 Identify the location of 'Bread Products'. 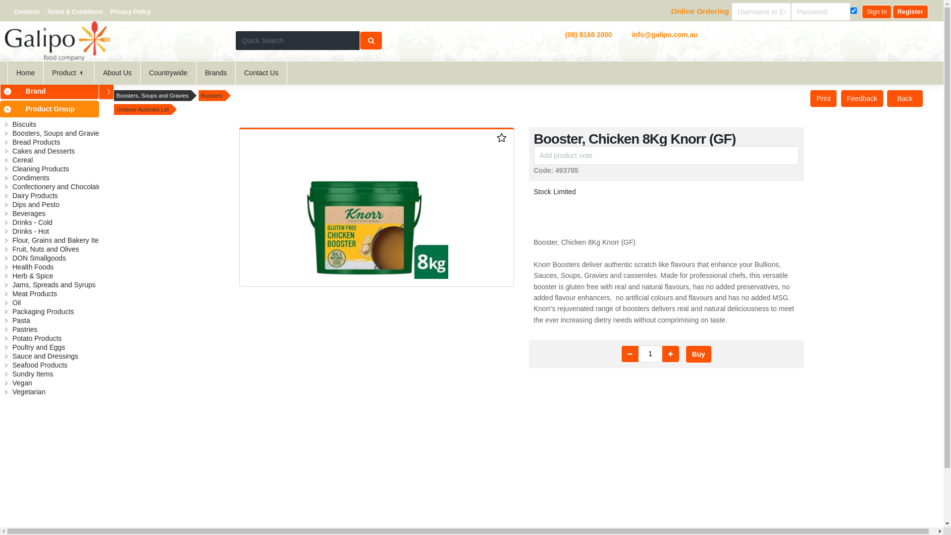
(36, 142).